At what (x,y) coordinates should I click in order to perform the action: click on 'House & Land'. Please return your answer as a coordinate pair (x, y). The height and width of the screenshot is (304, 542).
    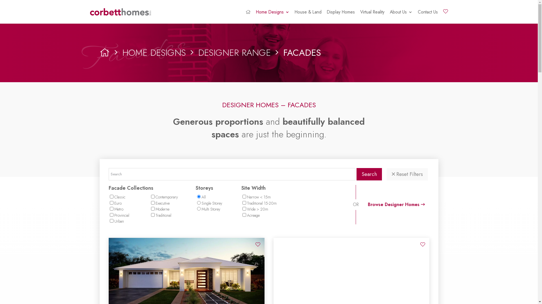
    Looking at the image, I should click on (308, 16).